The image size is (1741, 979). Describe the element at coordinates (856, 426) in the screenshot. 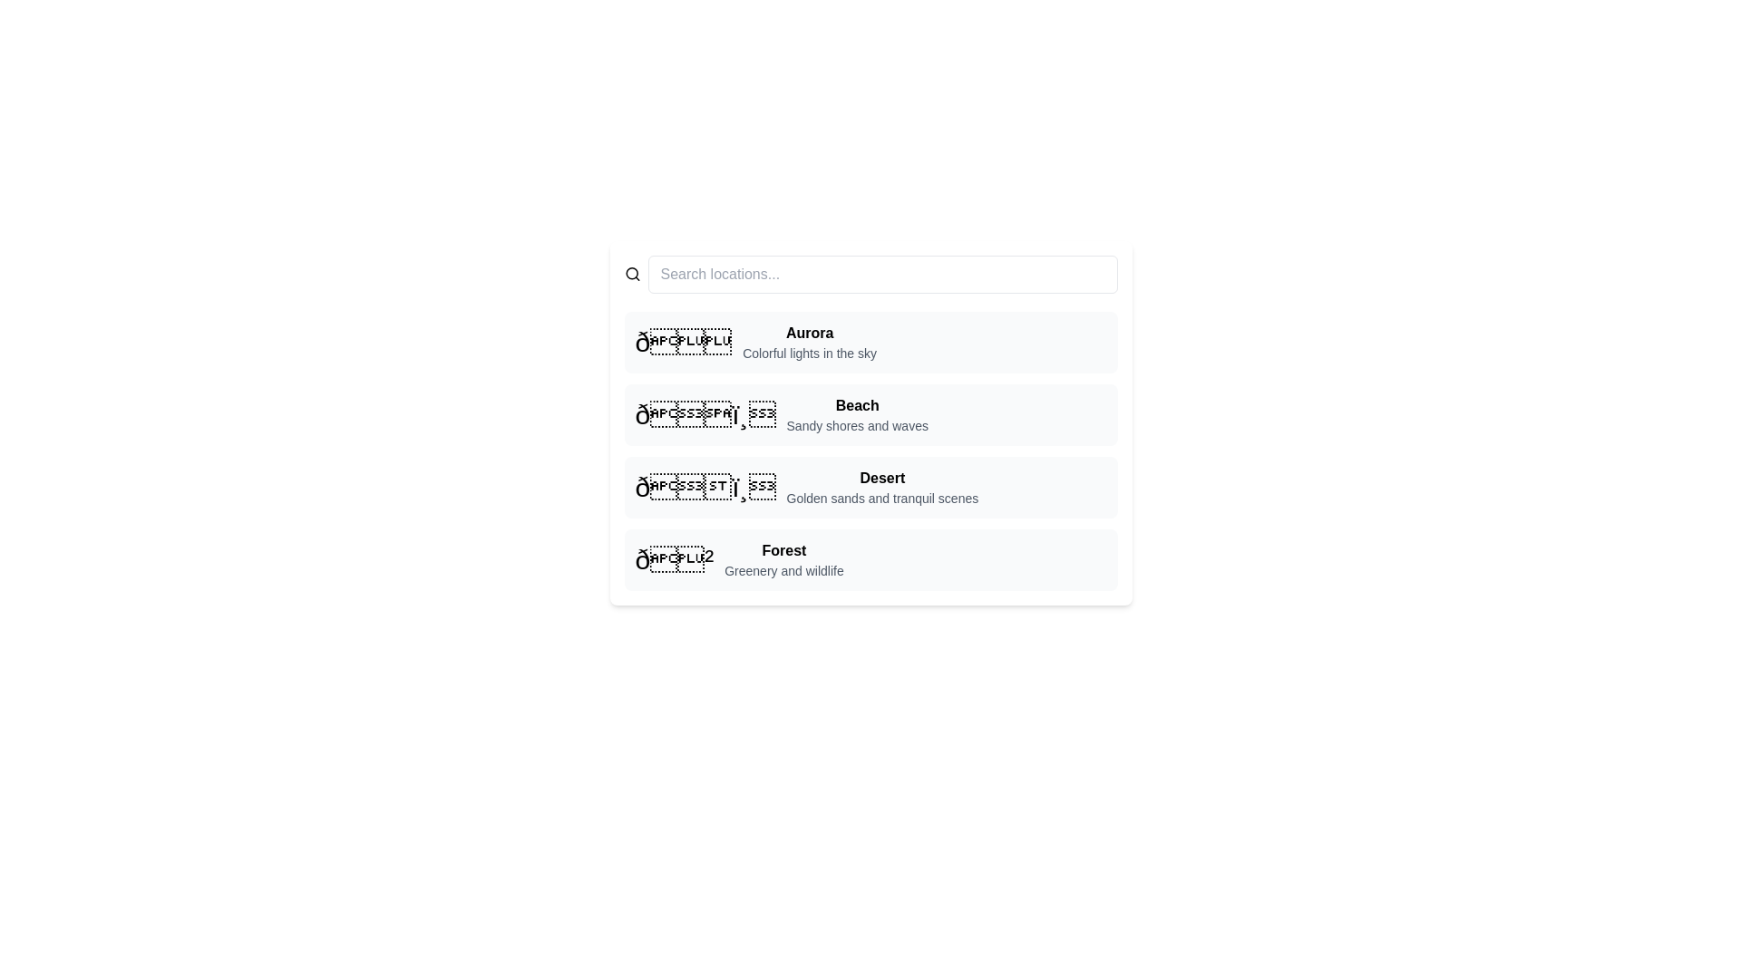

I see `the text element displaying 'Sandy shores and waves', which is located under the bold 'Beach' title in the vertical list of destinations` at that location.